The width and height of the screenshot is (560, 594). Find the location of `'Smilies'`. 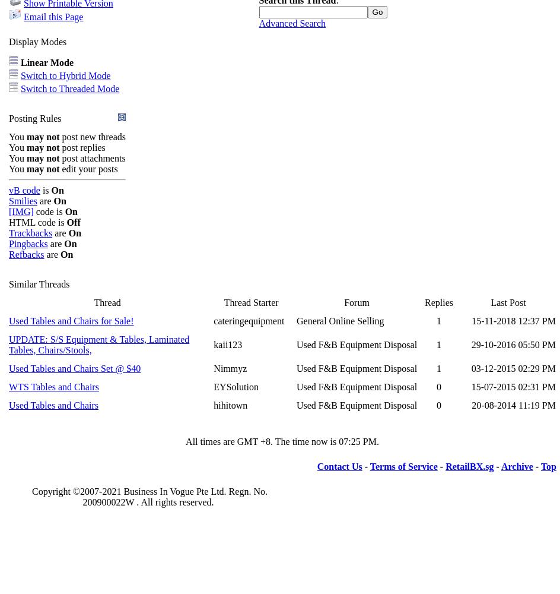

'Smilies' is located at coordinates (23, 200).